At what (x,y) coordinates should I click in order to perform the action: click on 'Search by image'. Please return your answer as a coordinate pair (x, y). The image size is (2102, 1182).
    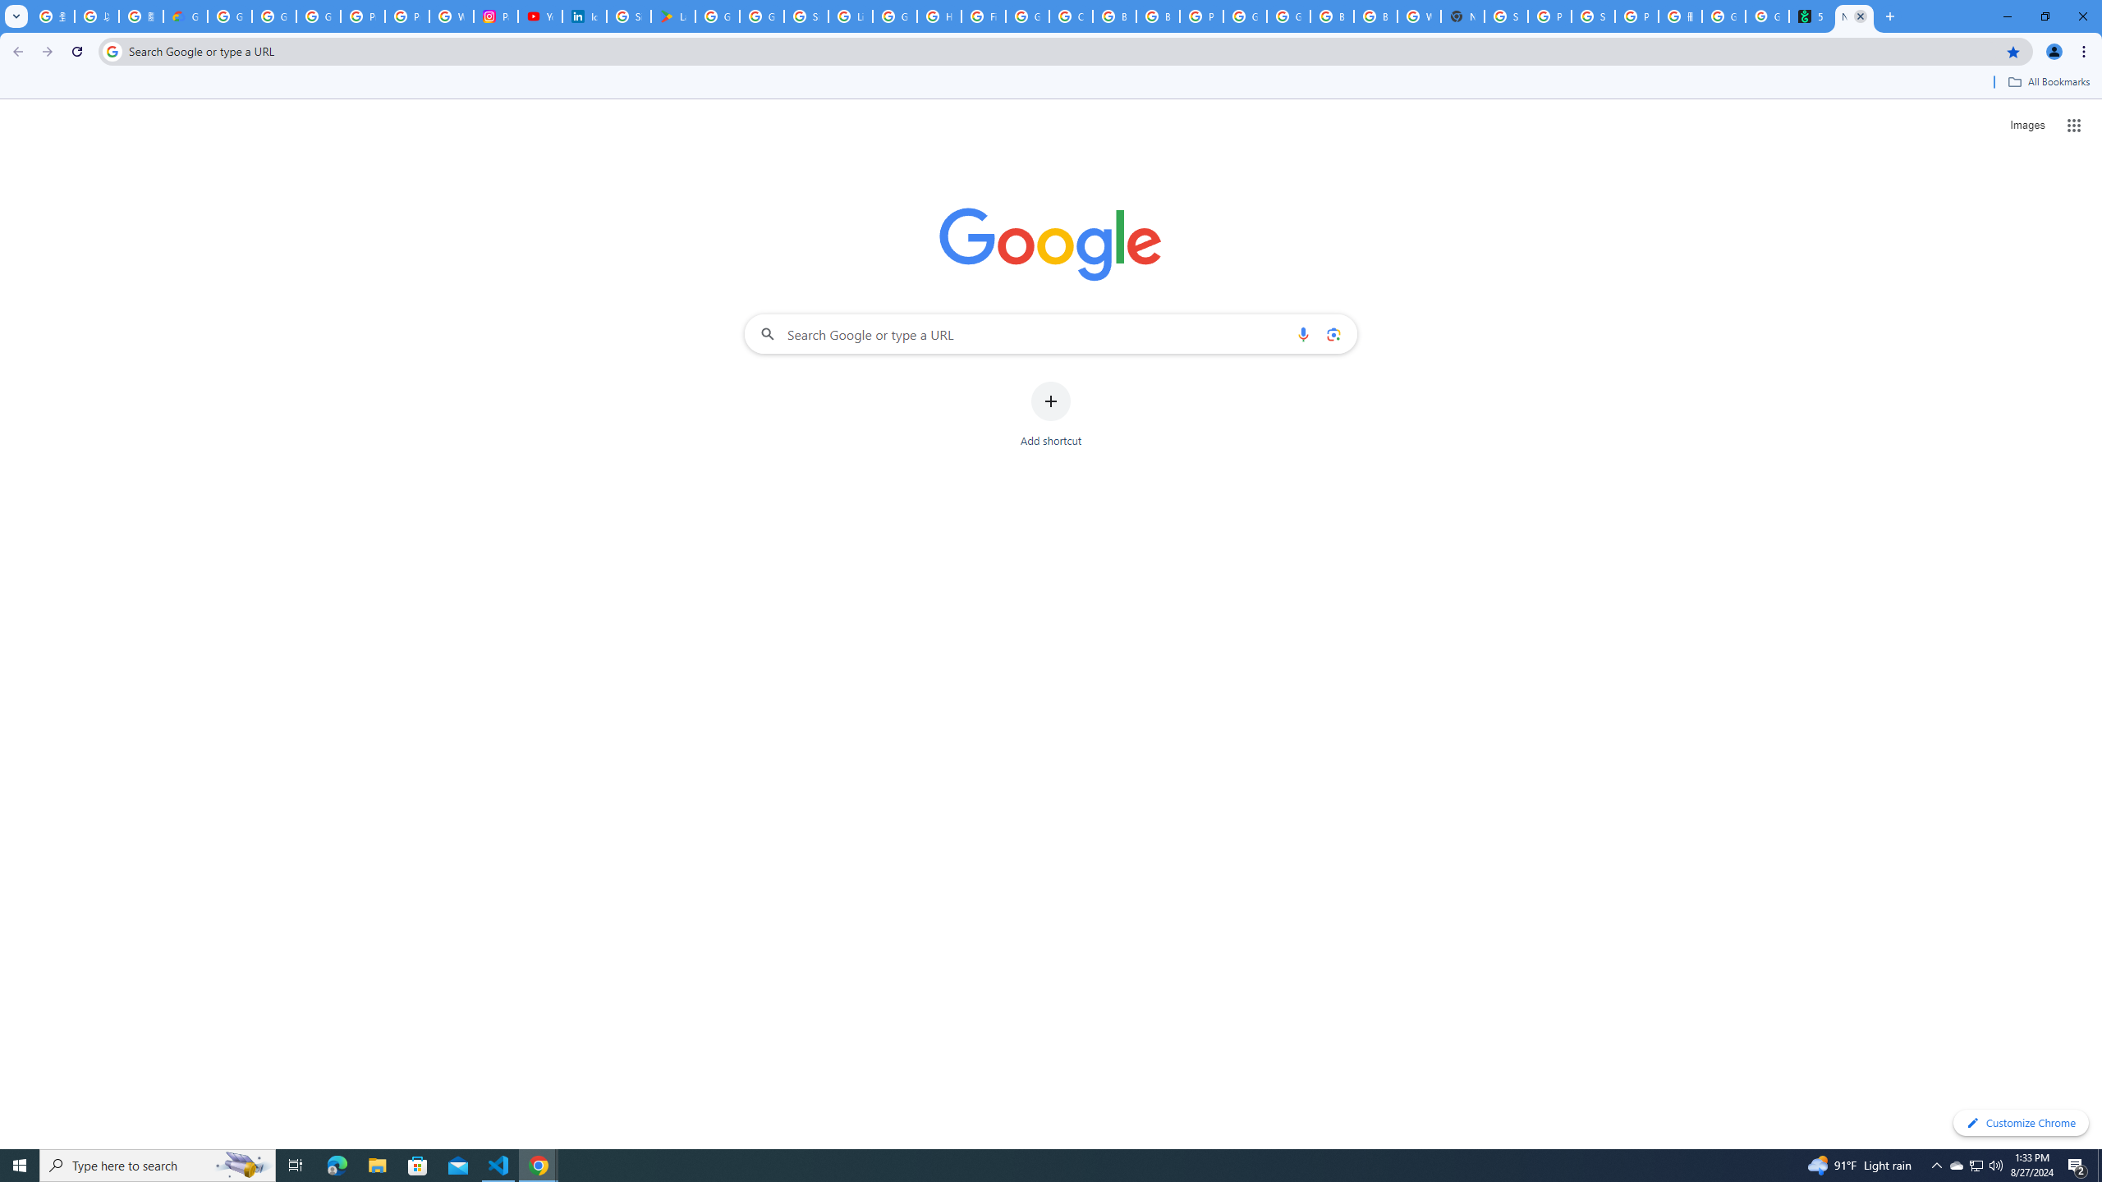
    Looking at the image, I should click on (1332, 332).